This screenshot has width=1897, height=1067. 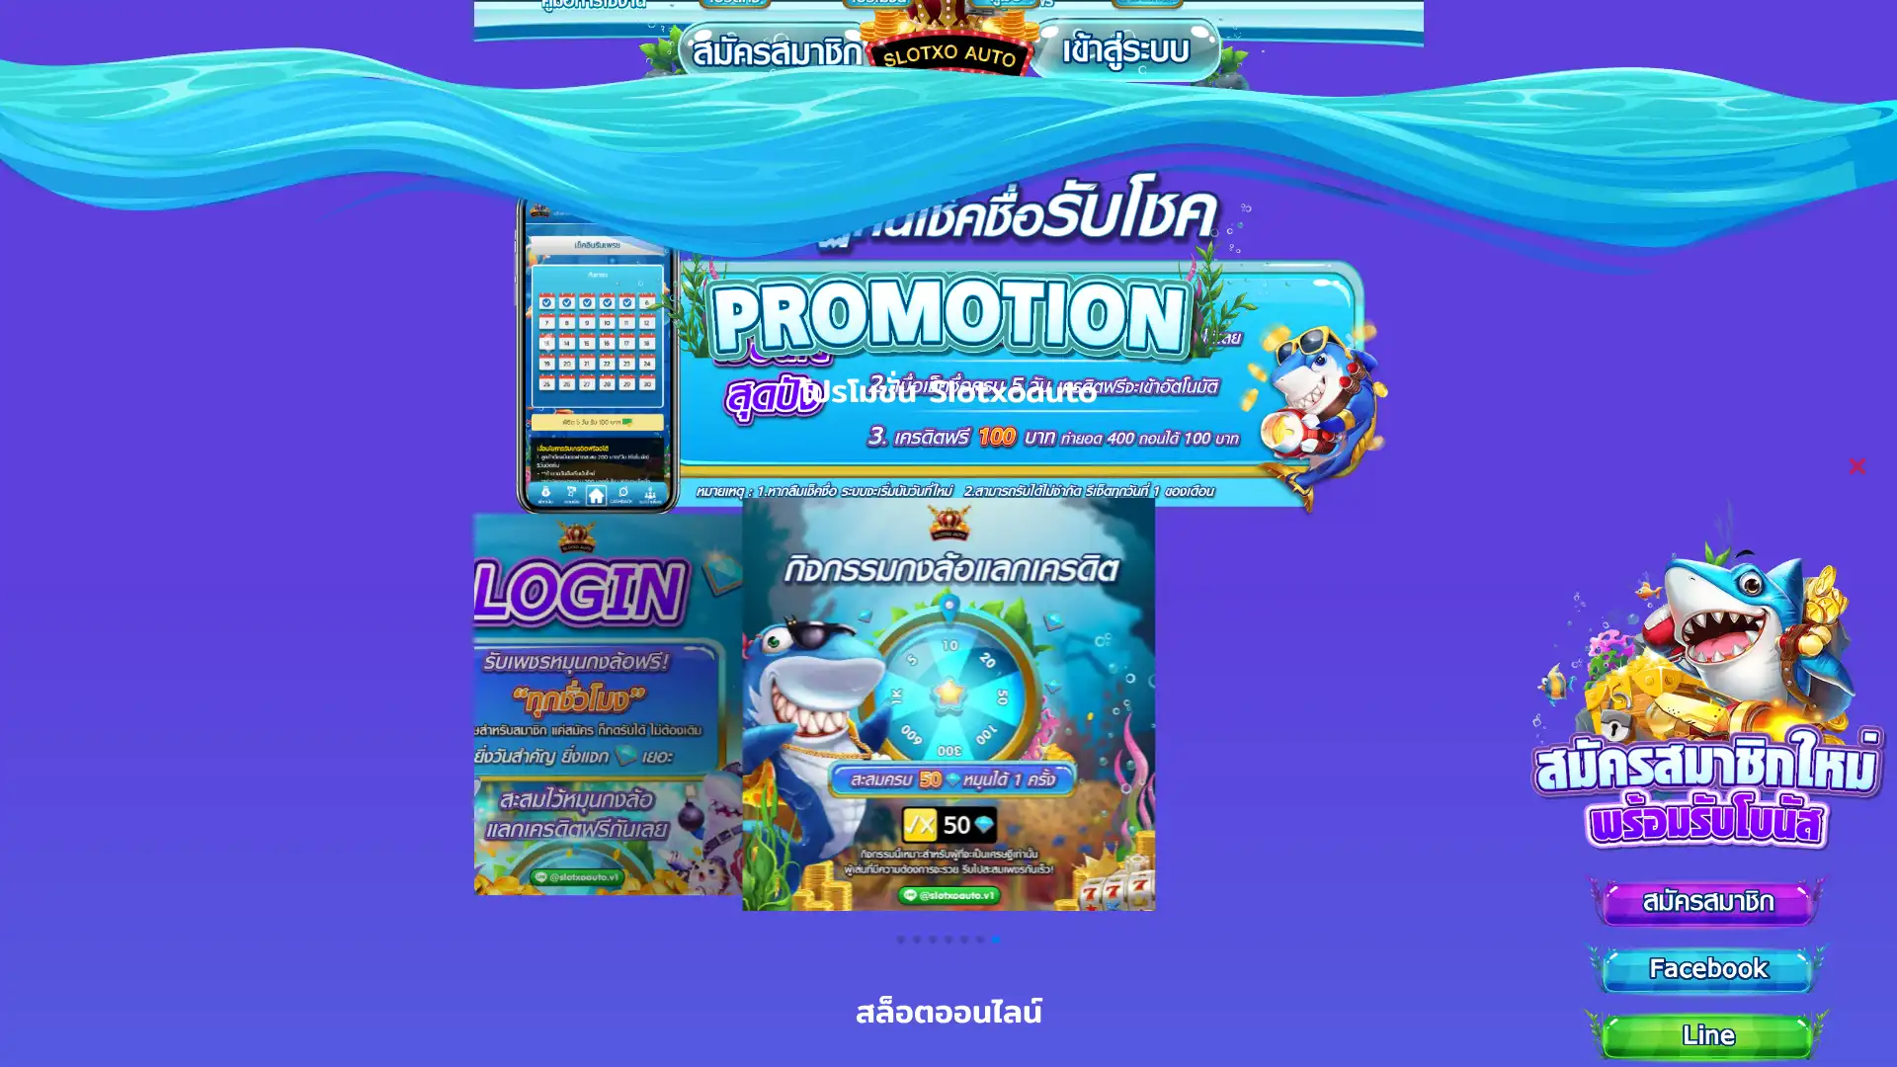 I want to click on Close, so click(x=1856, y=465).